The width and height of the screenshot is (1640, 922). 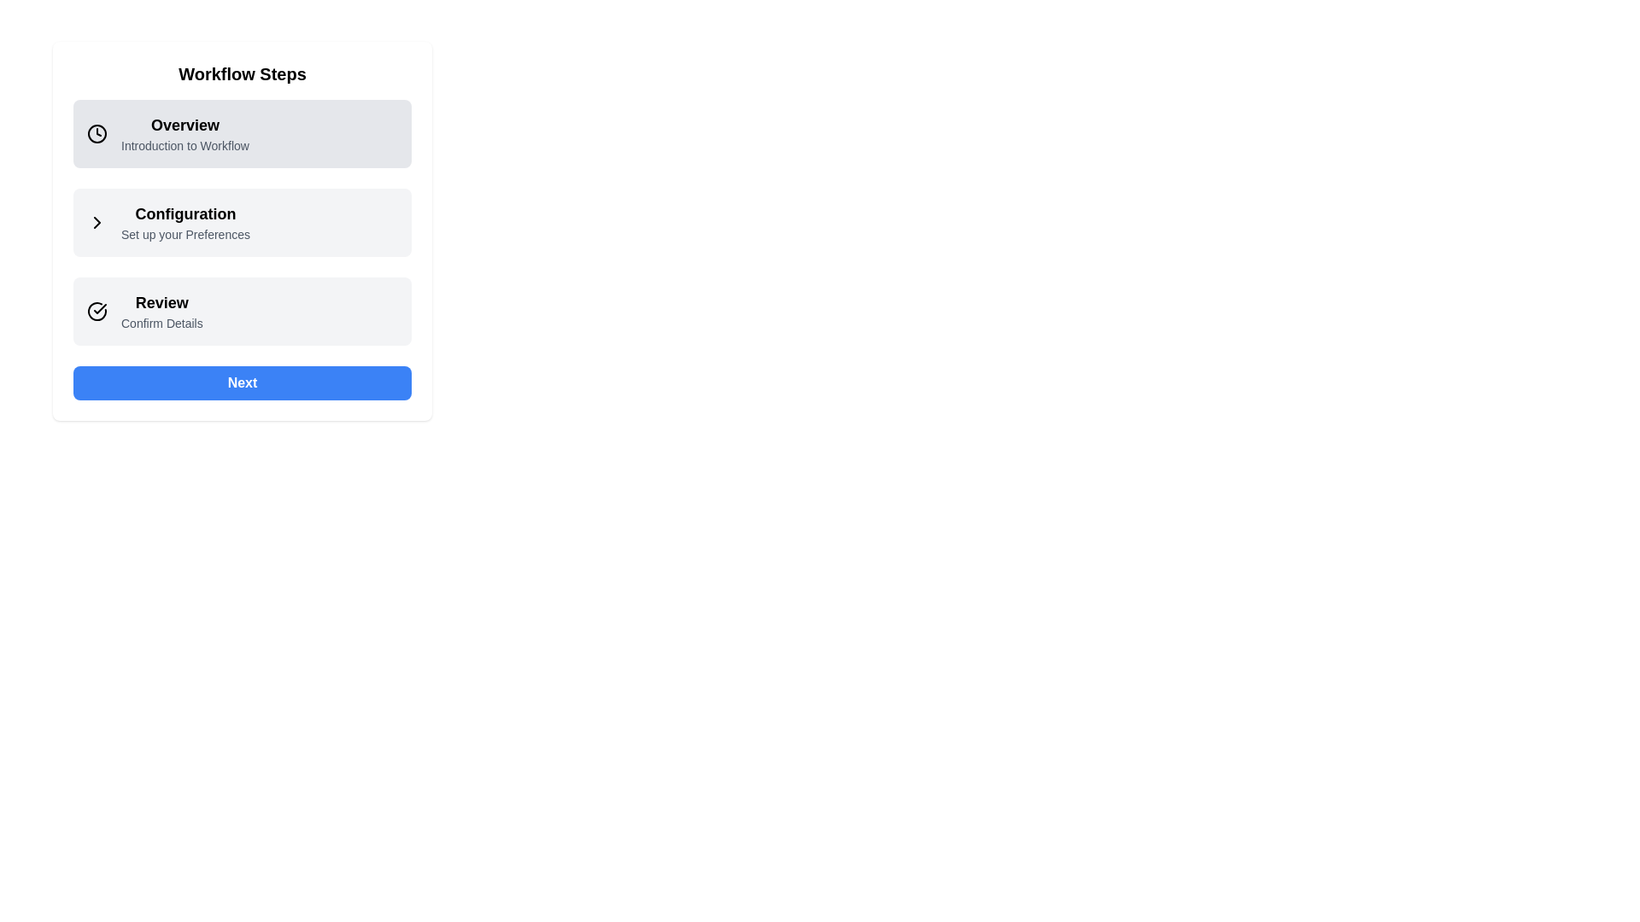 What do you see at coordinates (184, 144) in the screenshot?
I see `text from the Text Label located in the 'Overview' section of the 'Workflow Steps' interface, positioned directly underneath the 'Overview' title` at bounding box center [184, 144].